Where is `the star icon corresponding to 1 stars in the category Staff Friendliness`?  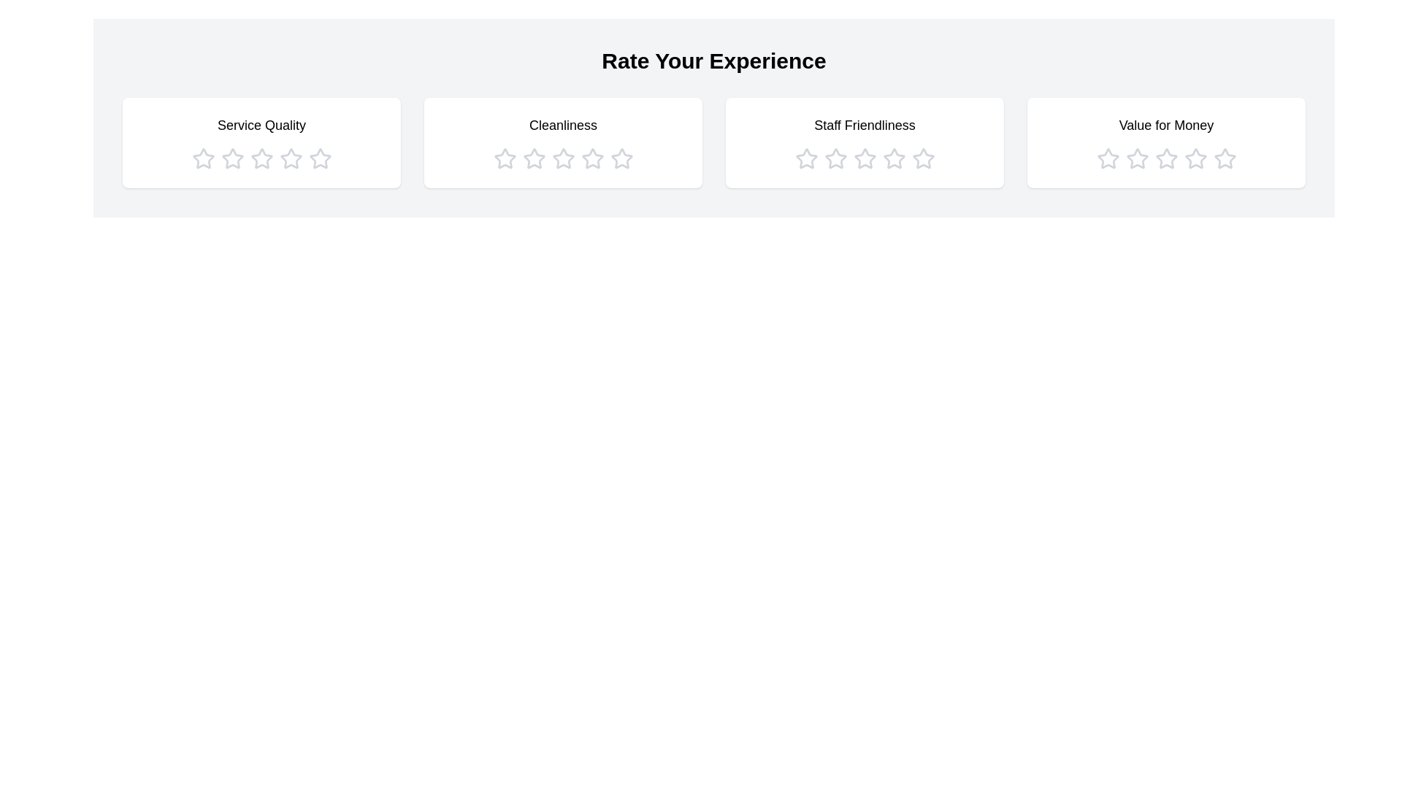 the star icon corresponding to 1 stars in the category Staff Friendliness is located at coordinates (805, 159).